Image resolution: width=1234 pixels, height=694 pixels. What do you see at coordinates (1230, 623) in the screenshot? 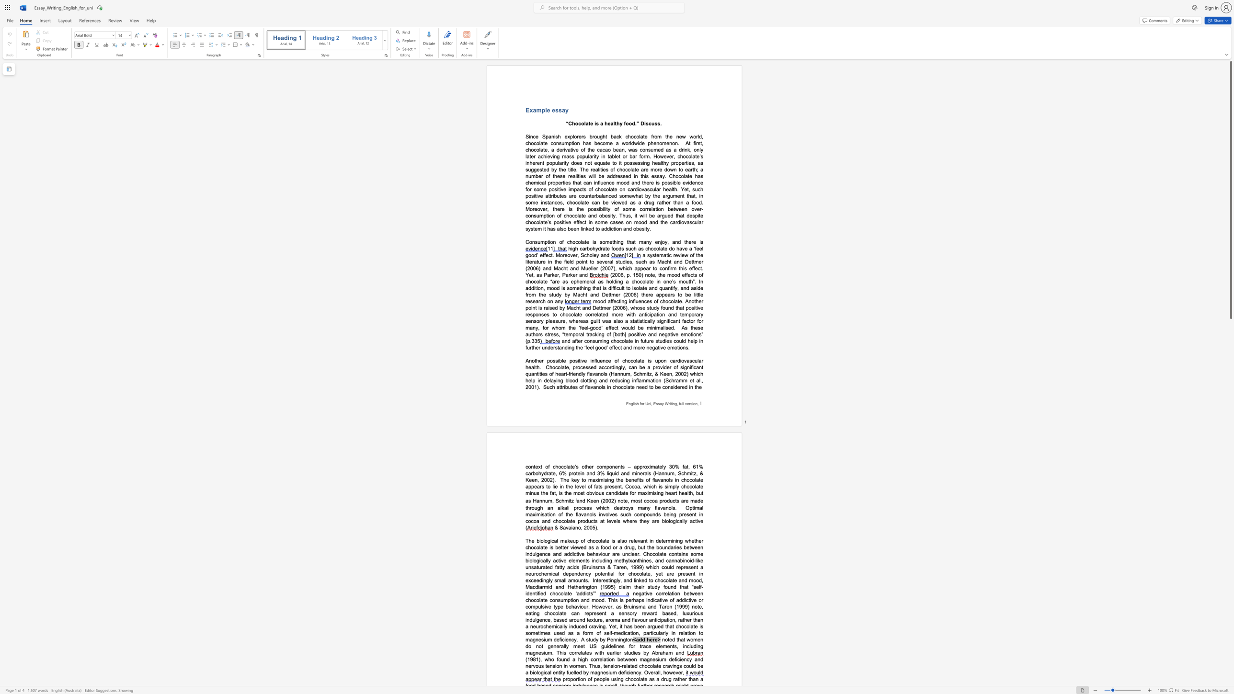
I see `the scrollbar to slide the page down` at bounding box center [1230, 623].